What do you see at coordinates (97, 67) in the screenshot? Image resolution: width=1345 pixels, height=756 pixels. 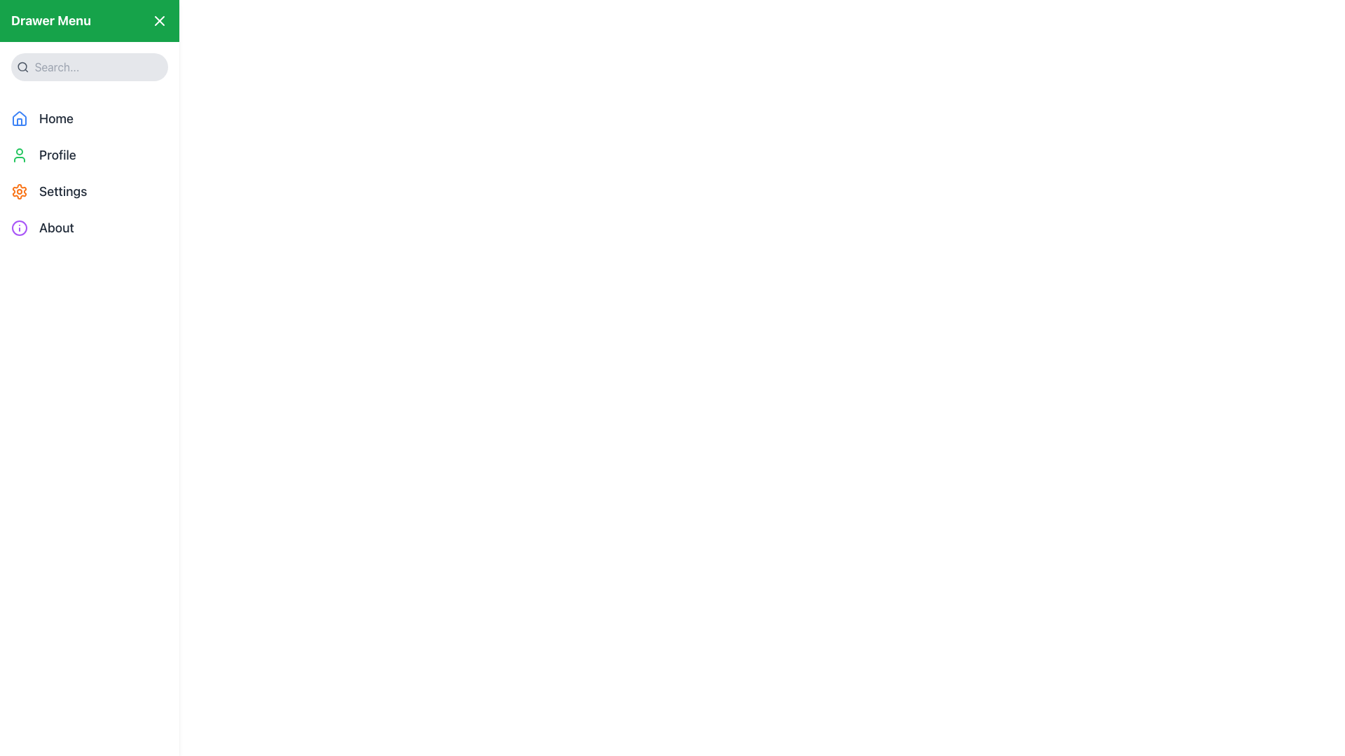 I see `the search input field located at the top-left corner of the sidebar drawer to focus it` at bounding box center [97, 67].